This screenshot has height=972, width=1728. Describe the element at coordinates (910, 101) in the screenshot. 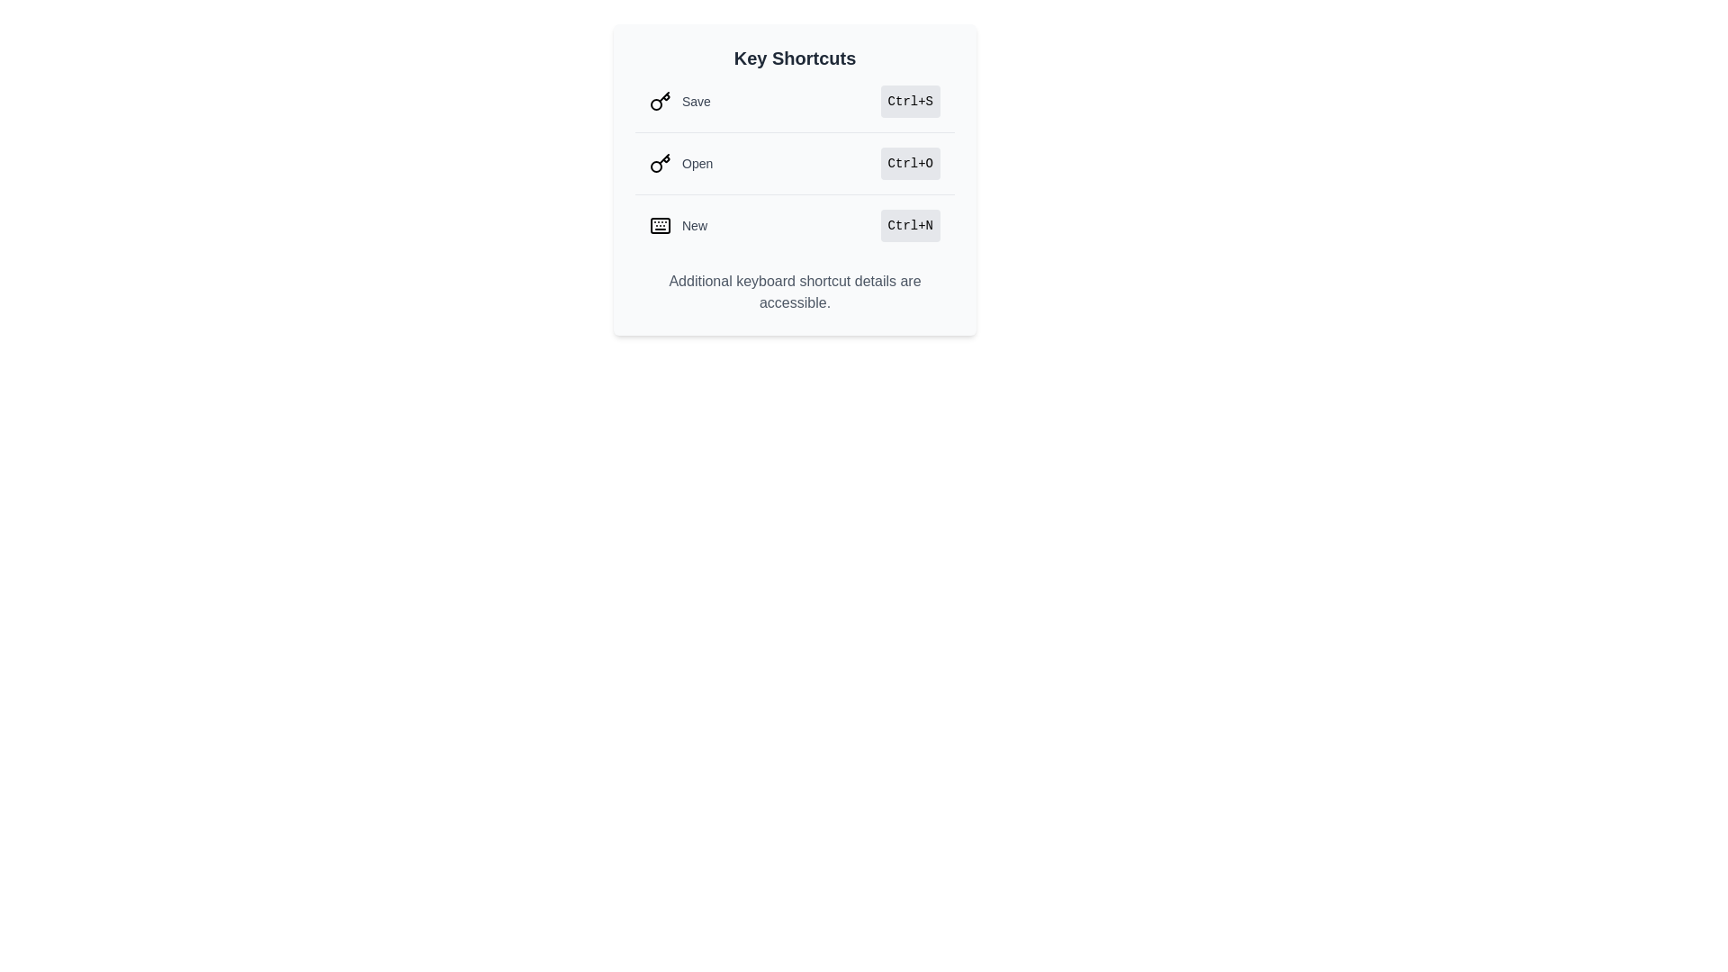

I see `the text label 'Ctrl+S' which is a rectangular box with rounded corners, styled with a light gray background, located within the 'Key Shortcuts' vertical menu` at that location.